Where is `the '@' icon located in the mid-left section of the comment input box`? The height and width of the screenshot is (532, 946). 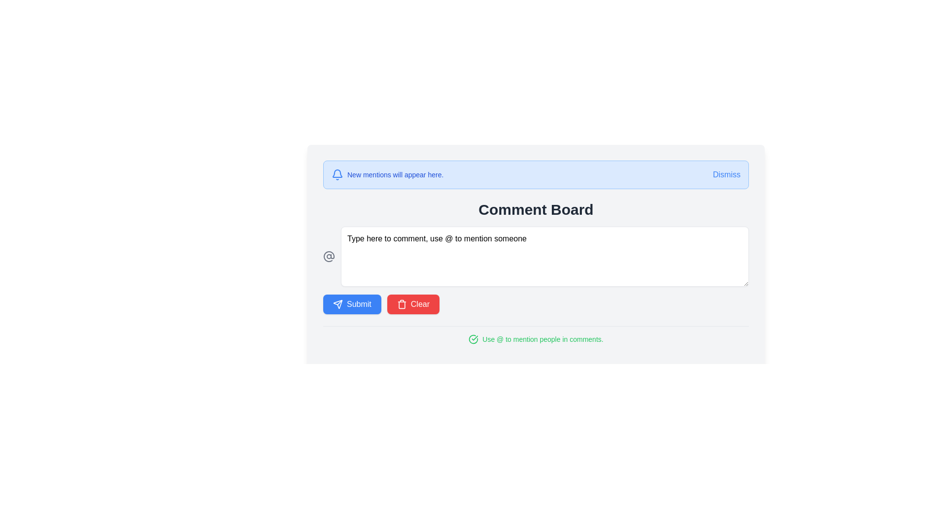
the '@' icon located in the mid-left section of the comment input box is located at coordinates (329, 256).